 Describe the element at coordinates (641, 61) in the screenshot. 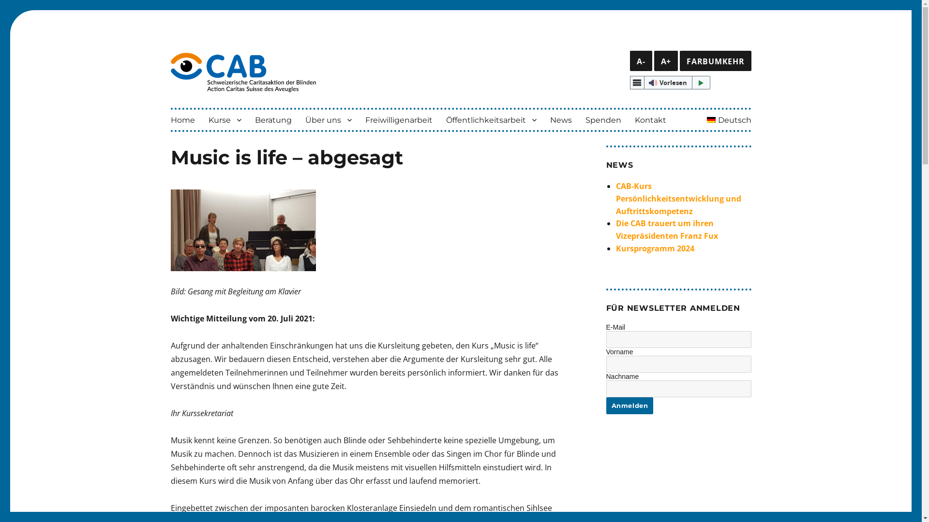

I see `'A-'` at that location.